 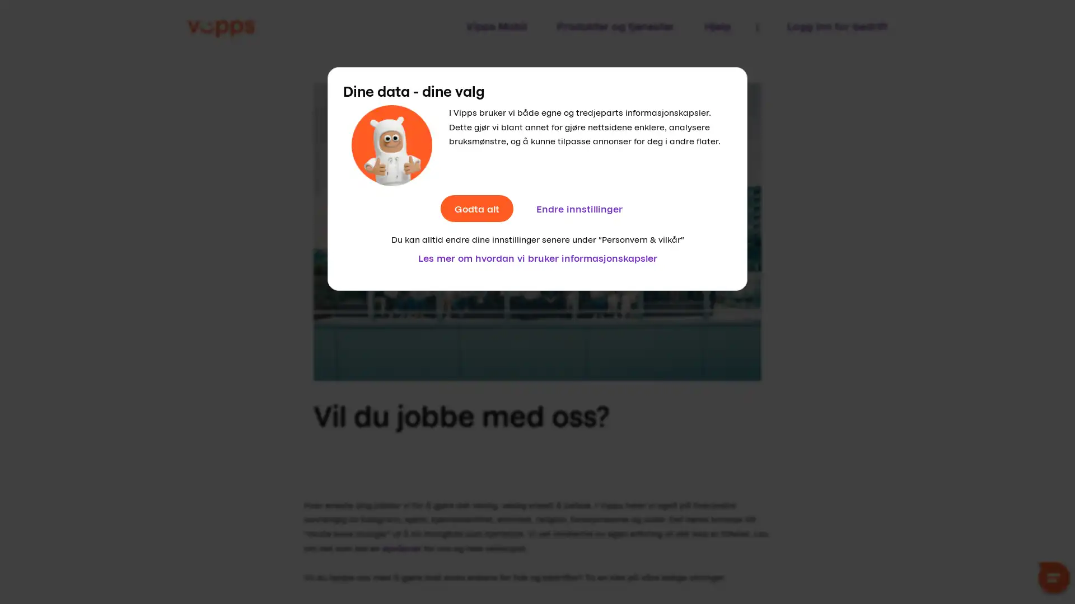 What do you see at coordinates (476, 209) in the screenshot?
I see `Godta alt` at bounding box center [476, 209].